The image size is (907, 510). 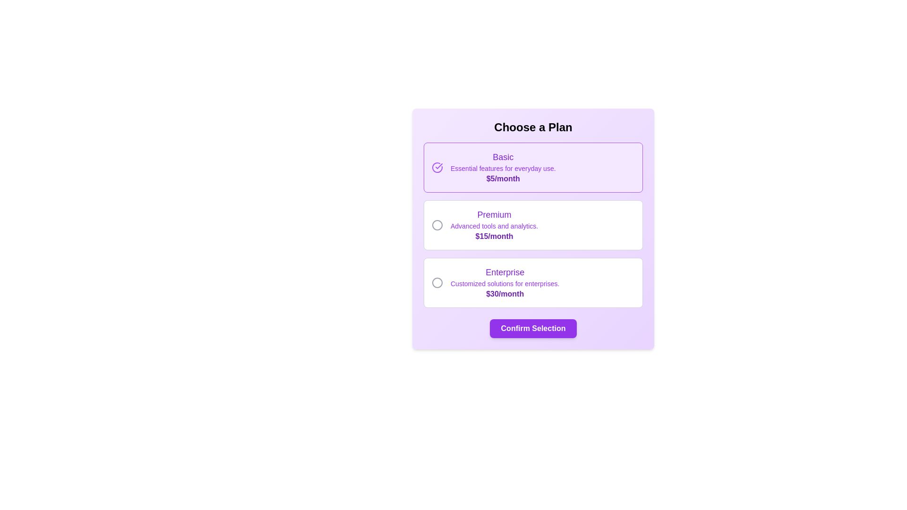 What do you see at coordinates (494, 226) in the screenshot?
I see `the static text that provides a description for the 'Premium' plan, located between the 'Premium' title and the '$15/month' text` at bounding box center [494, 226].